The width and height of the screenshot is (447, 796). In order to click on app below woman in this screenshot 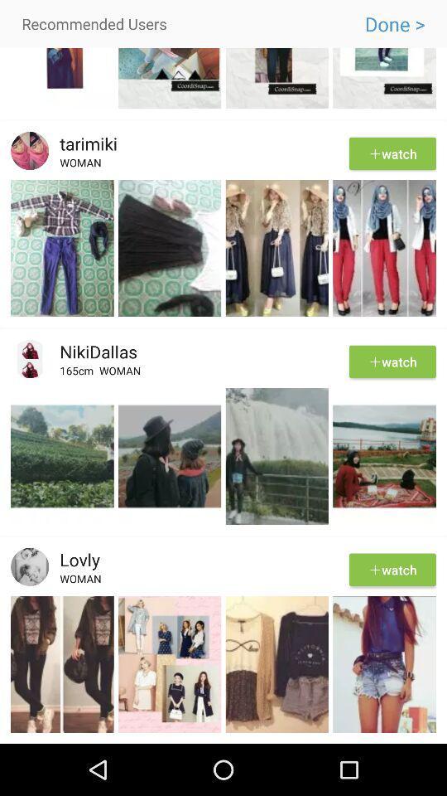, I will do `click(223, 177)`.